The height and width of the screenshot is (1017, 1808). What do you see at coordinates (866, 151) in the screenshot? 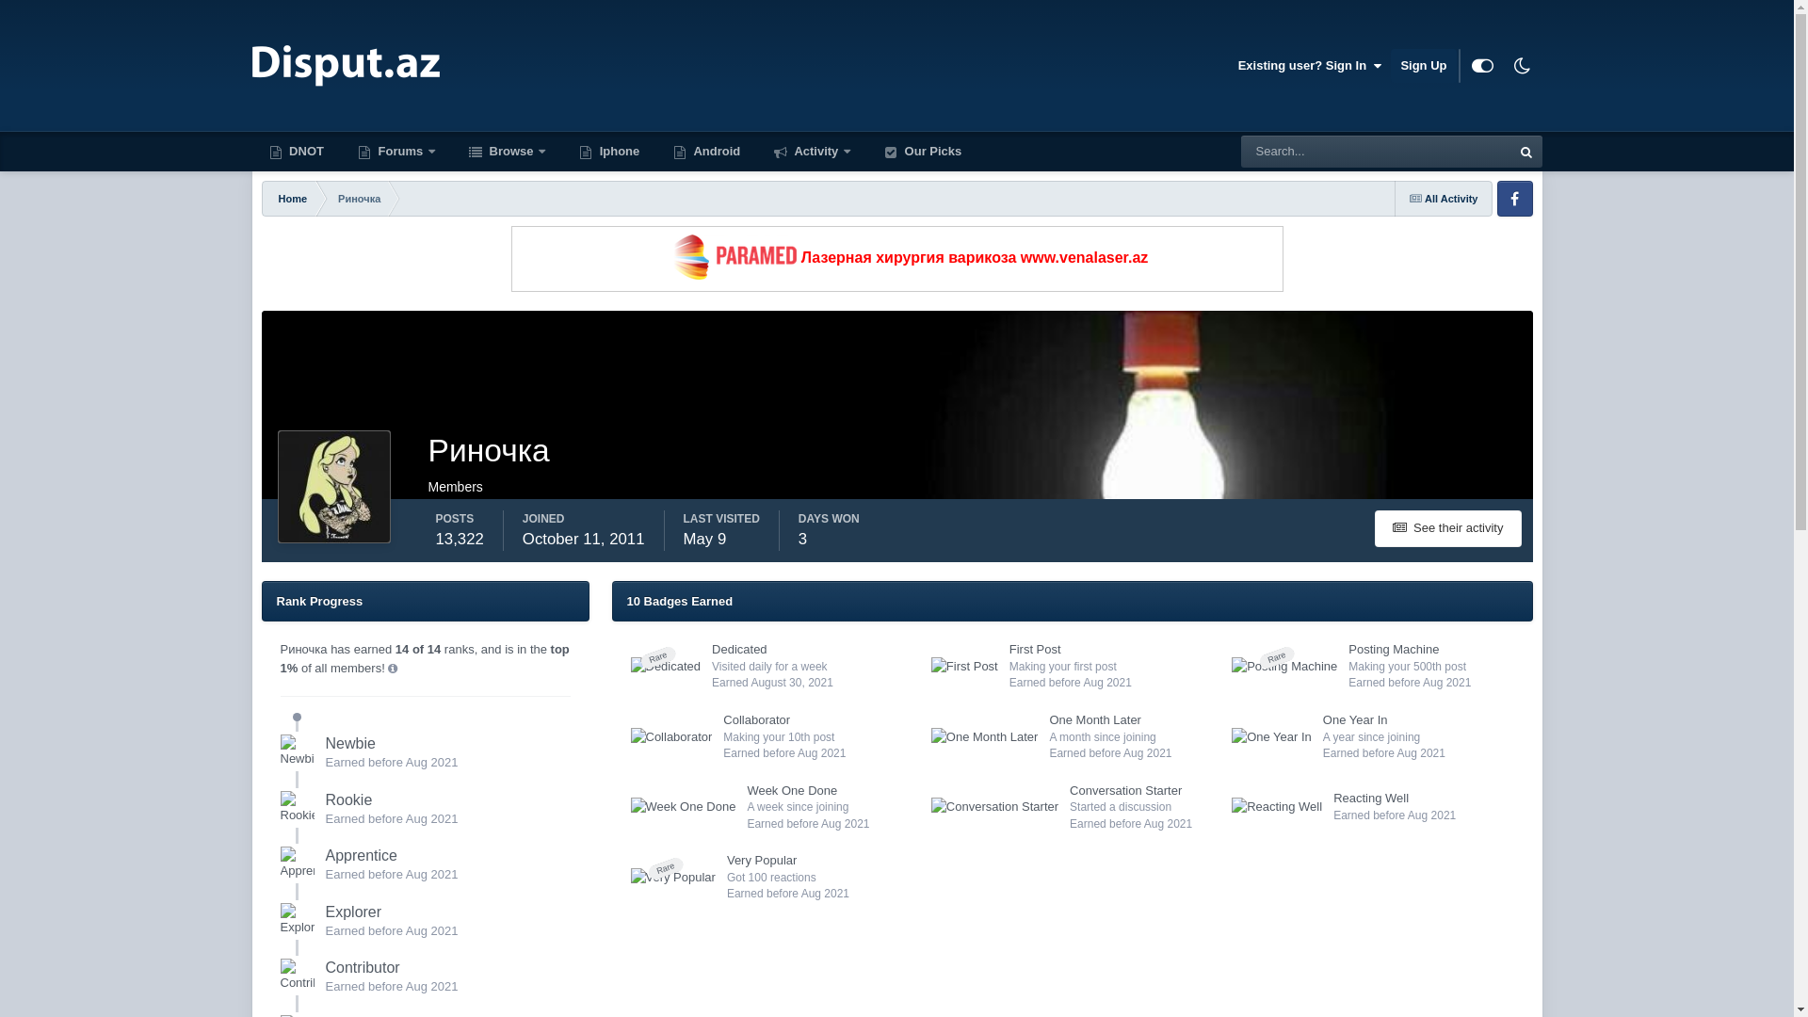
I see `'Our Picks'` at bounding box center [866, 151].